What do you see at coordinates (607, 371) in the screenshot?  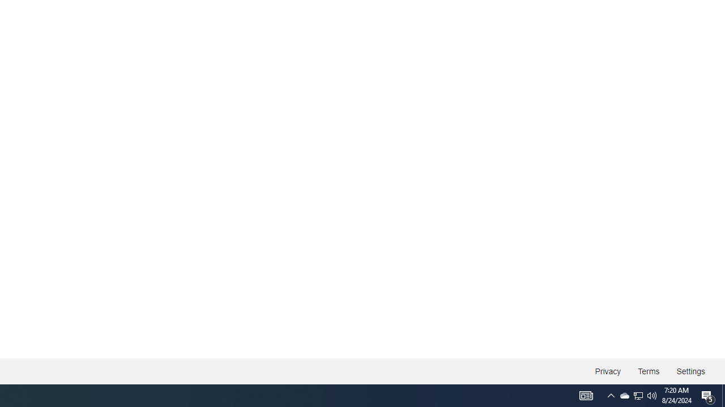 I see `'Privacy'` at bounding box center [607, 371].